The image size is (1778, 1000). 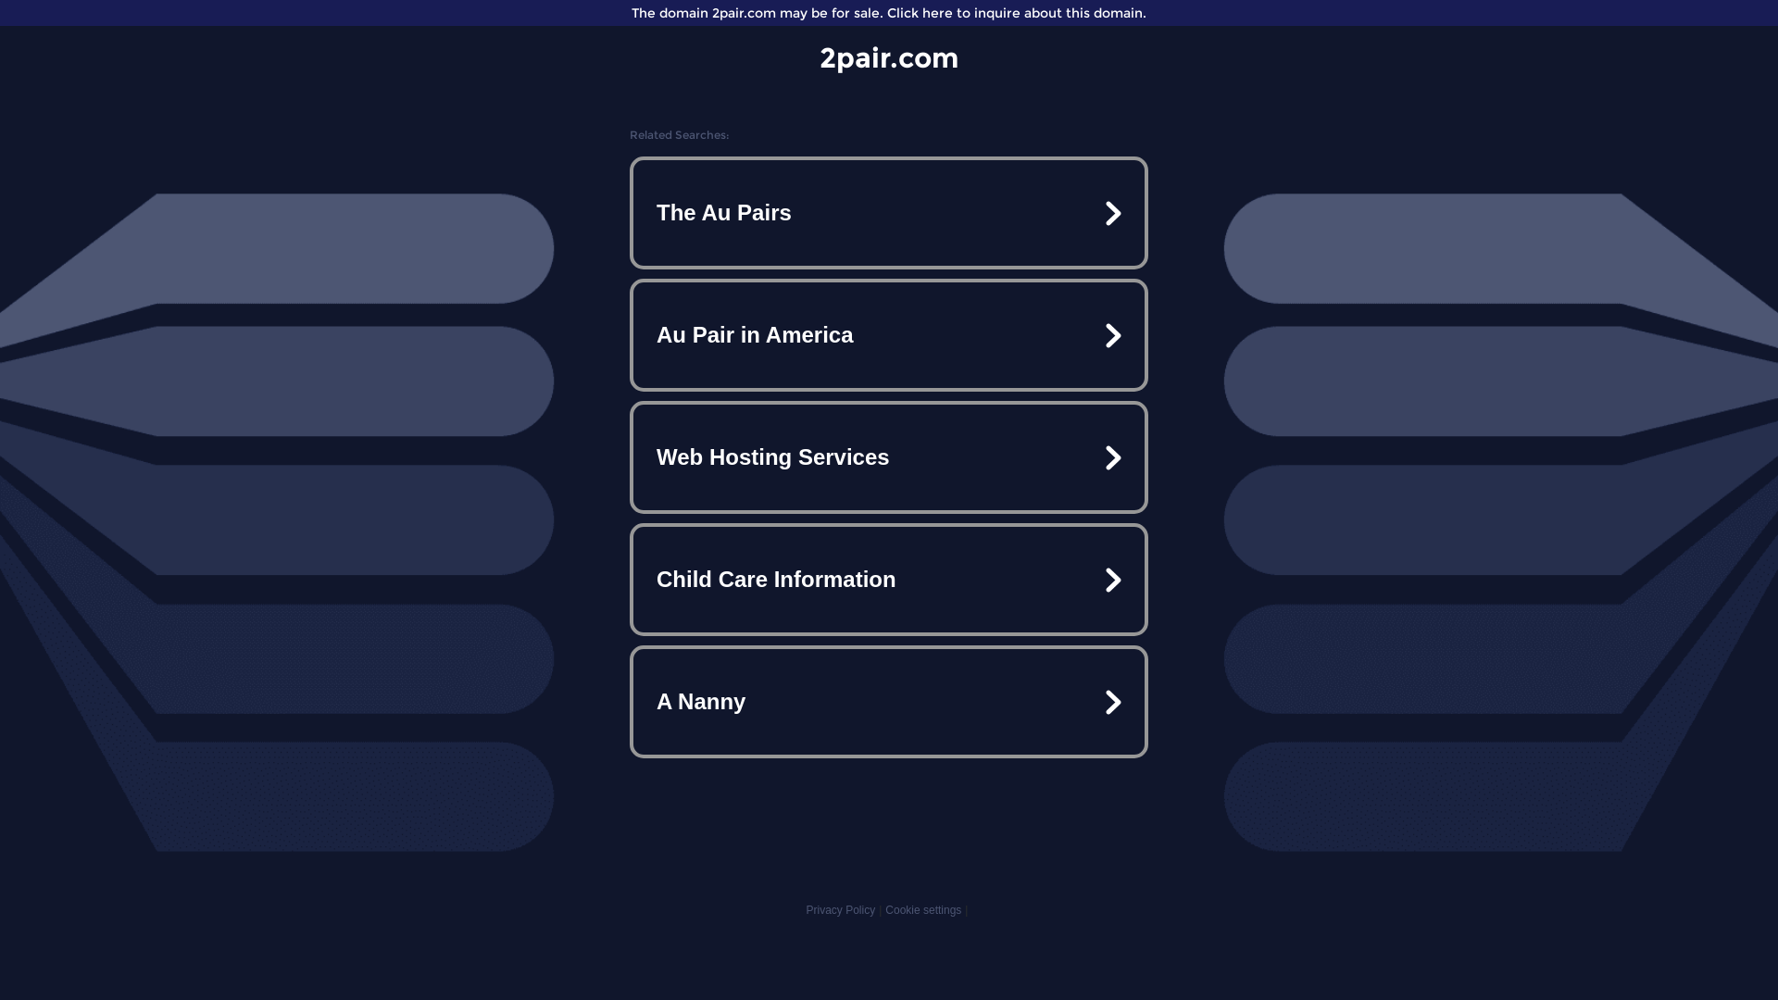 I want to click on 'The Au Pairs', so click(x=889, y=212).